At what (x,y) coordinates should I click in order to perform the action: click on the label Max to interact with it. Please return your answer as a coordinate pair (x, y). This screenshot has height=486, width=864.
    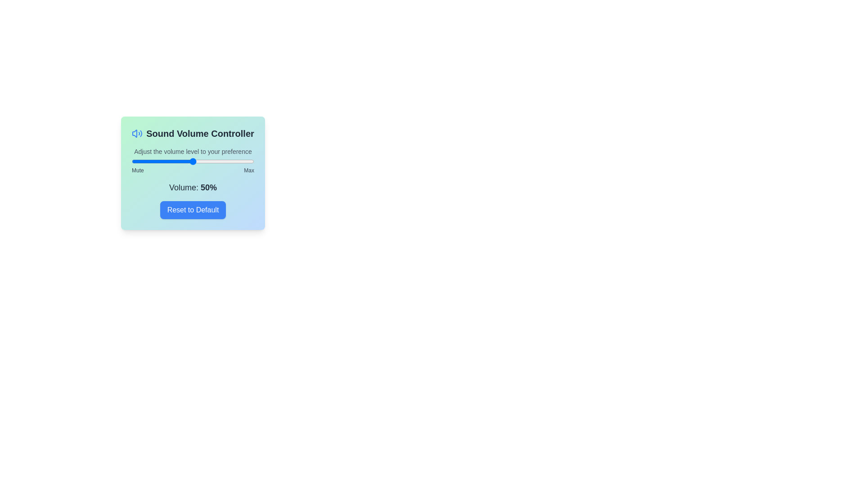
    Looking at the image, I should click on (248, 170).